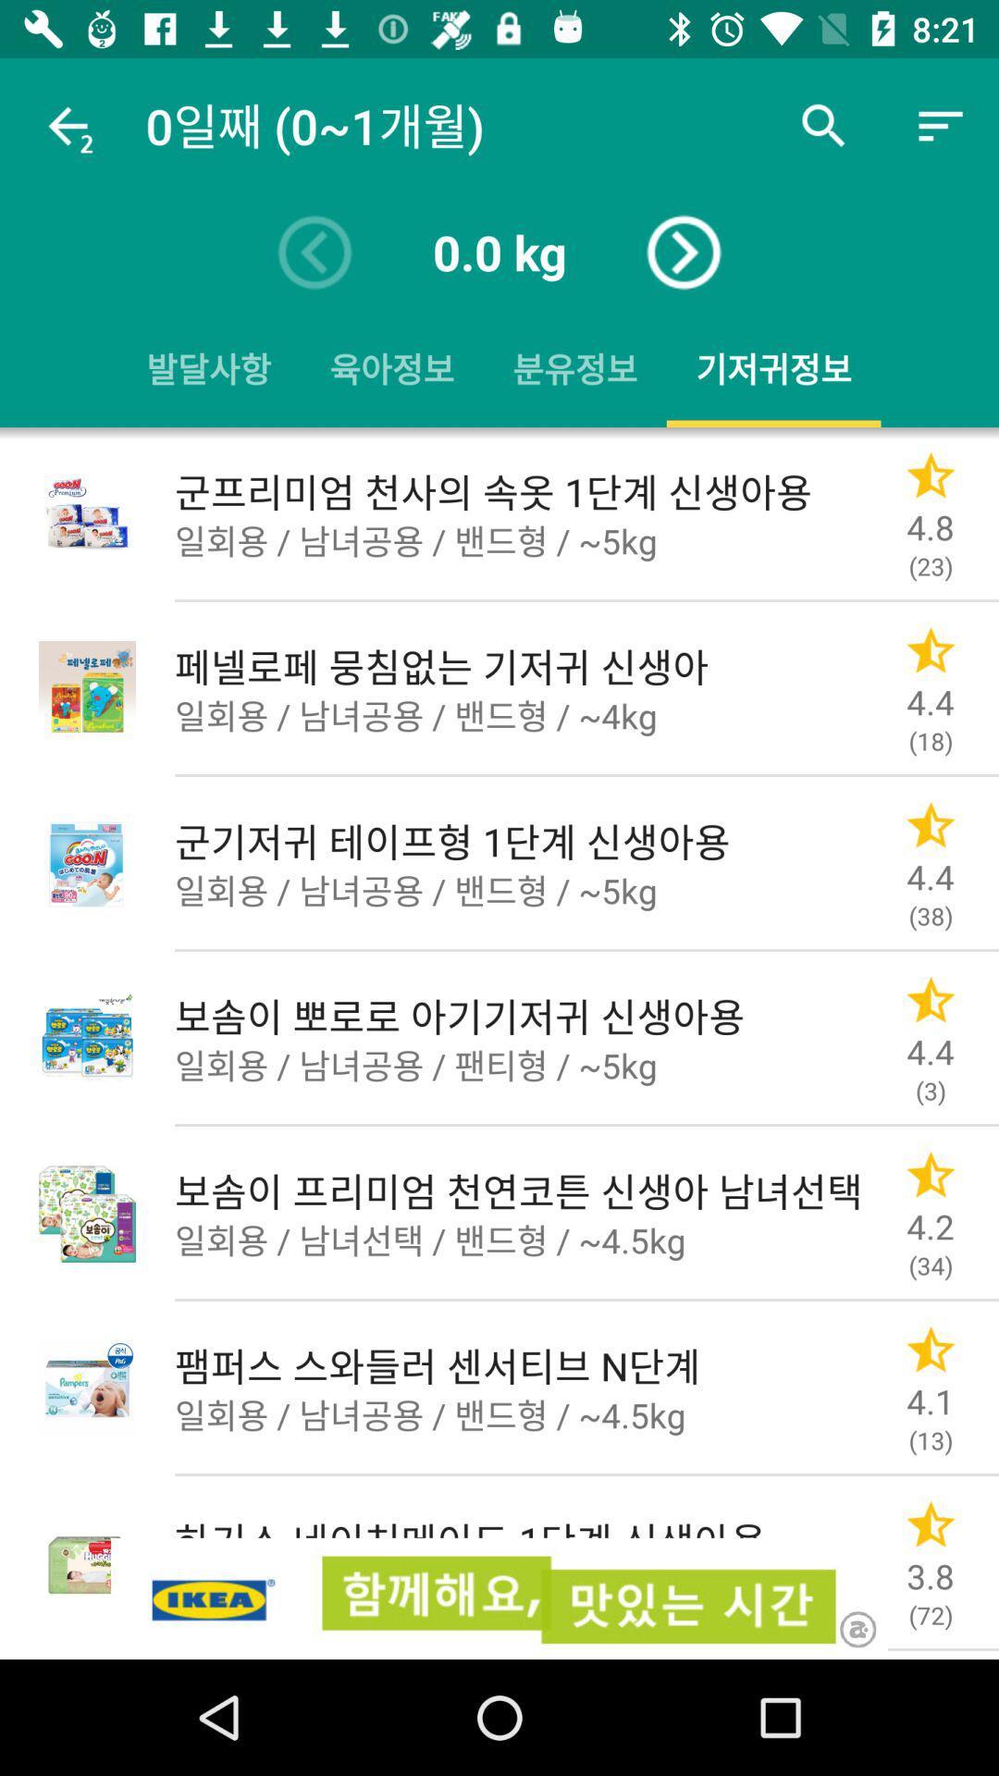 The width and height of the screenshot is (999, 1776). Describe the element at coordinates (684, 252) in the screenshot. I see `the arrow_forward icon` at that location.